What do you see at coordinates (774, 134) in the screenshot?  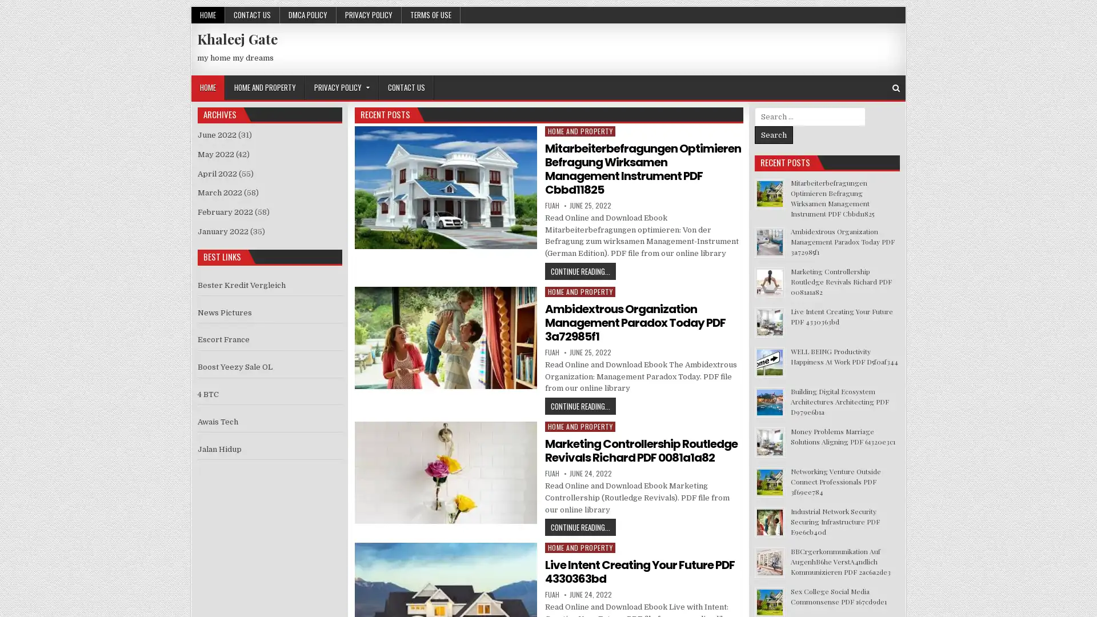 I see `Search` at bounding box center [774, 134].